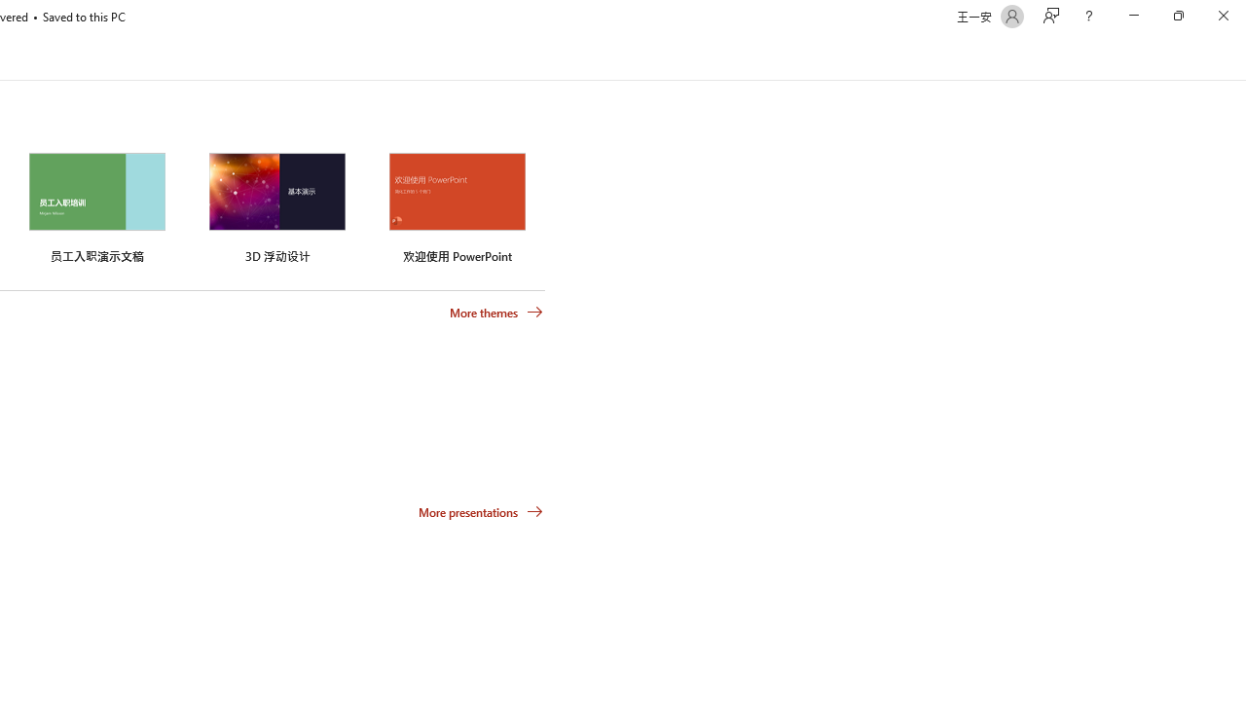  Describe the element at coordinates (496, 312) in the screenshot. I see `'More themes'` at that location.